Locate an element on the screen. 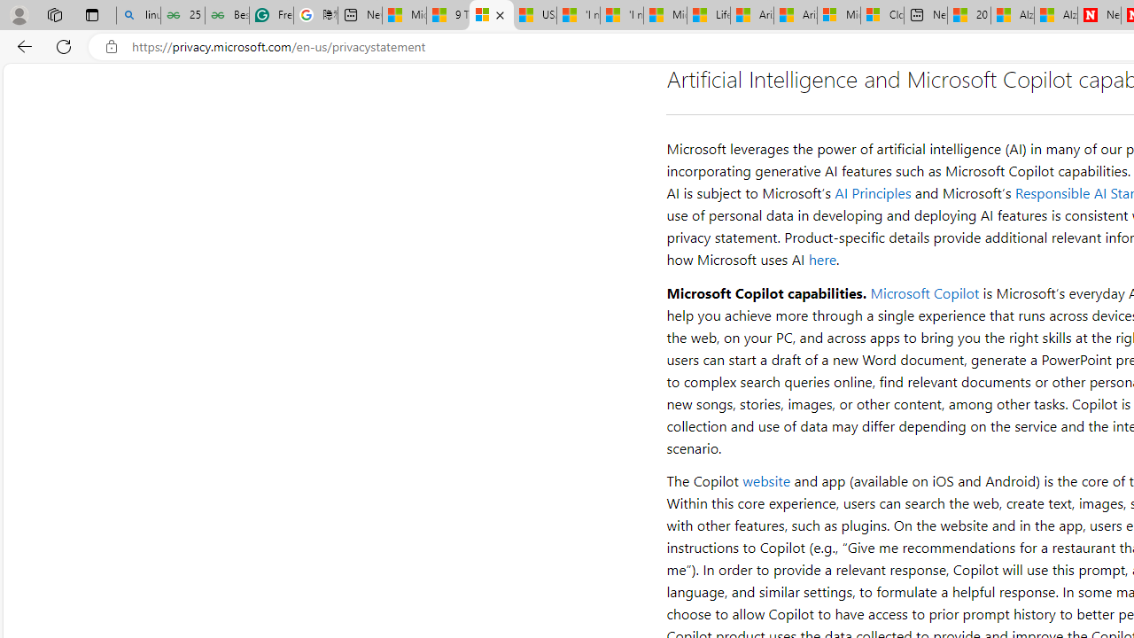 The image size is (1134, 638). 'Cloud Computing Services | Microsoft Azure' is located at coordinates (882, 15).